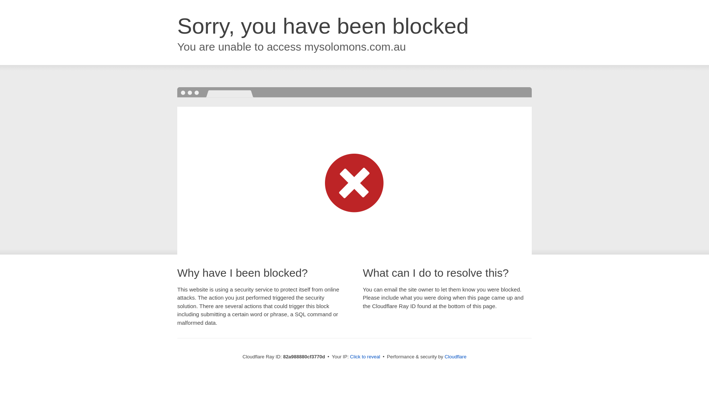 The width and height of the screenshot is (709, 399). What do you see at coordinates (365, 356) in the screenshot?
I see `'Click to reveal'` at bounding box center [365, 356].